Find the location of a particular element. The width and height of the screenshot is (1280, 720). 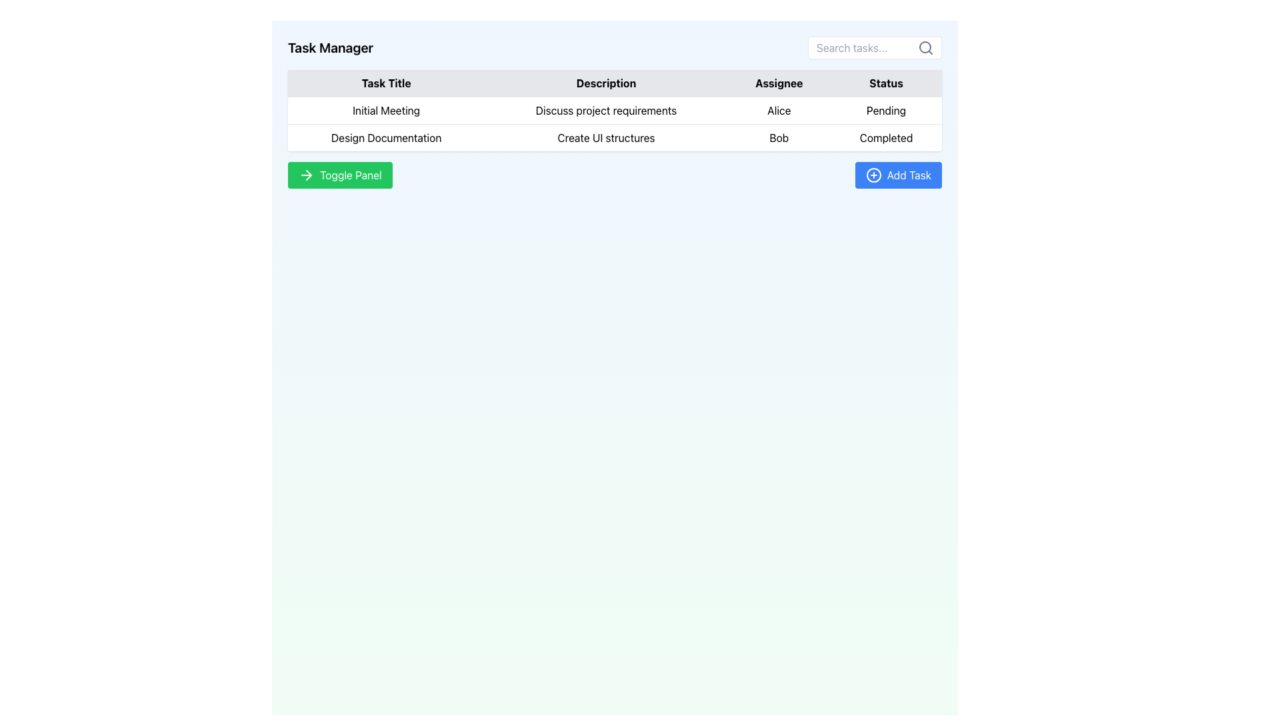

the 'Task Manager' text label located in the top left section of the interface if it is interactive is located at coordinates (331, 47).